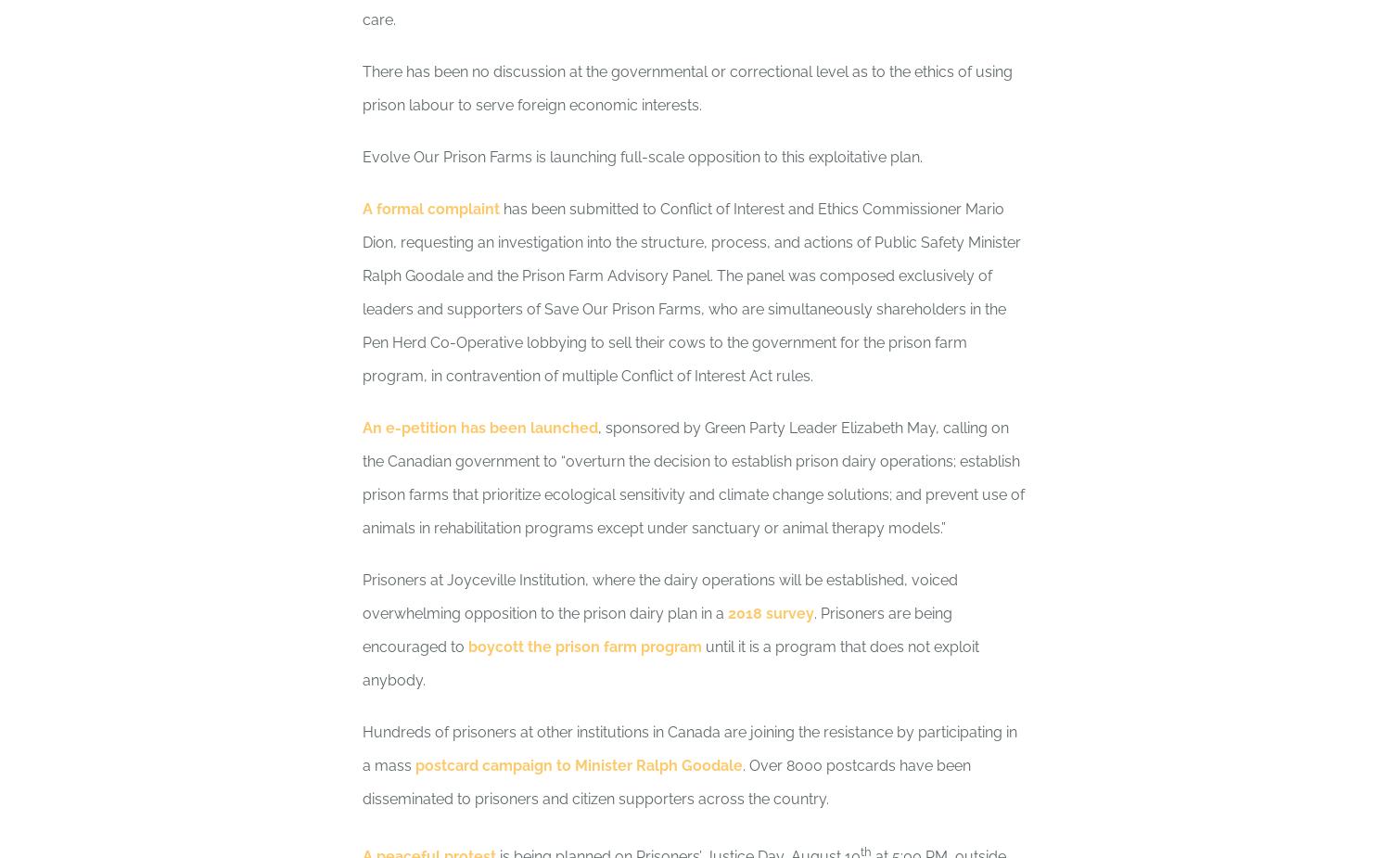 Image resolution: width=1391 pixels, height=858 pixels. Describe the element at coordinates (693, 478) in the screenshot. I see `', sponsored by Green Party Leader Elizabeth May, calling on the Canadian government to “overturn the decision to establish prison dairy operations; establish prison farms that prioritize ecological sensitivity and climate change solutions; and prevent use of animals in rehabilitation programs except under sanctuary or animal therapy models.”'` at that location.